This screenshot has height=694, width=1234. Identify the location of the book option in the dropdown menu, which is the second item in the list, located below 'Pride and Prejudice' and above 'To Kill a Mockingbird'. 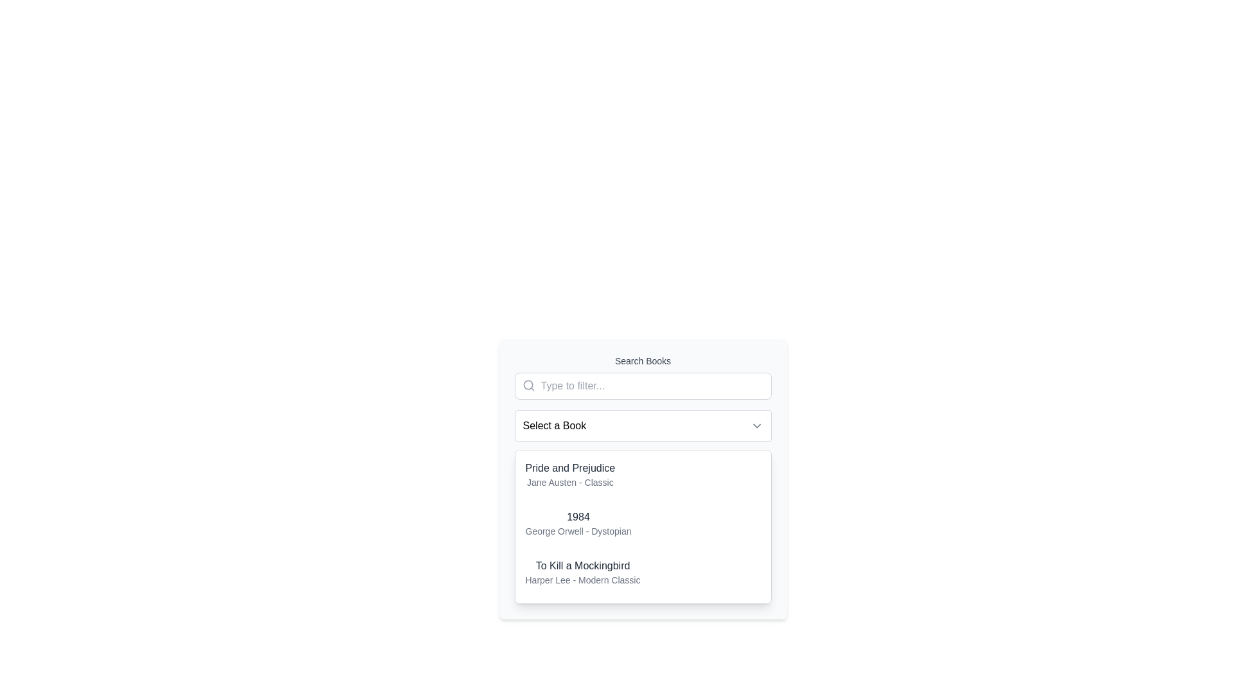
(577, 523).